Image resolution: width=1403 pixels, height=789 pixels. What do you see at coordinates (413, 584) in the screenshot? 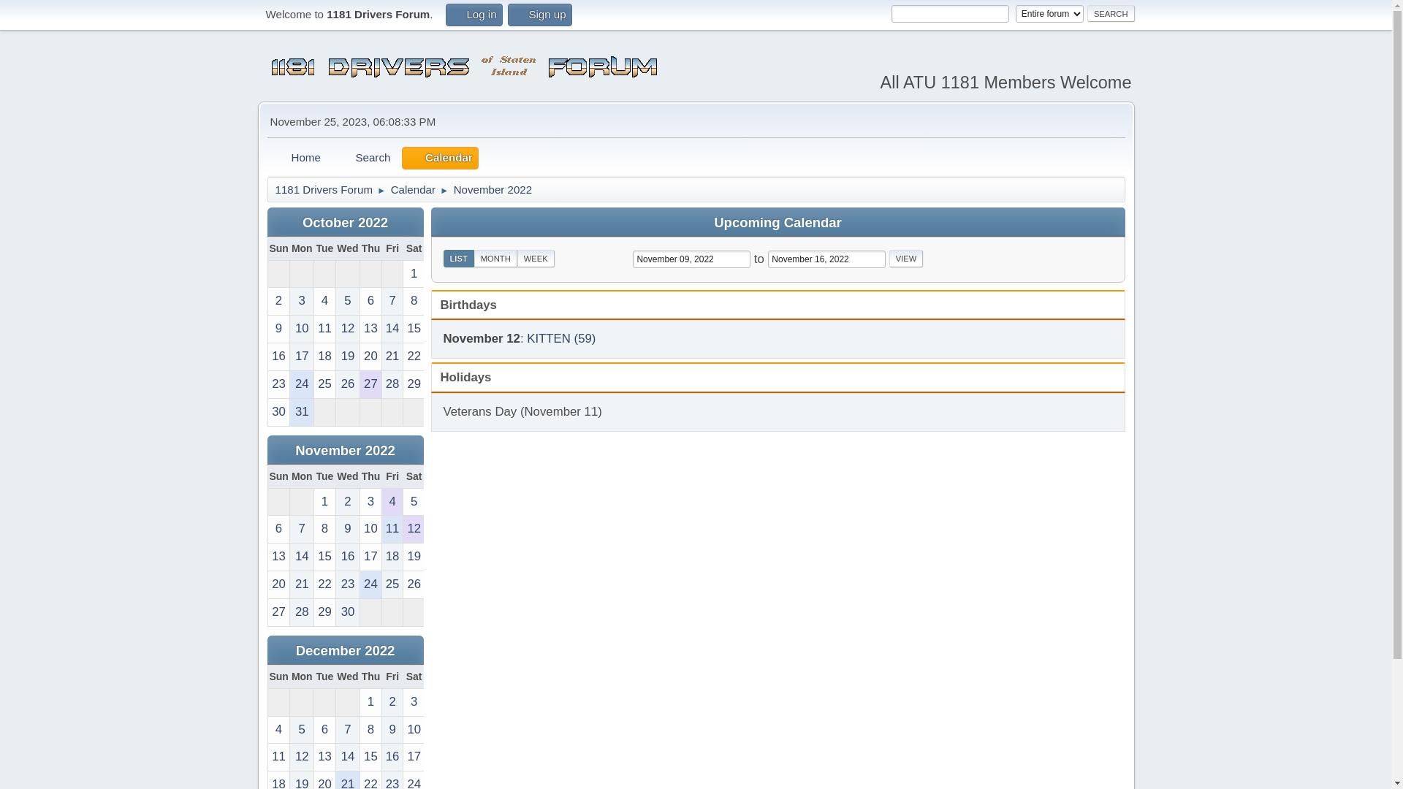
I see `'26'` at bounding box center [413, 584].